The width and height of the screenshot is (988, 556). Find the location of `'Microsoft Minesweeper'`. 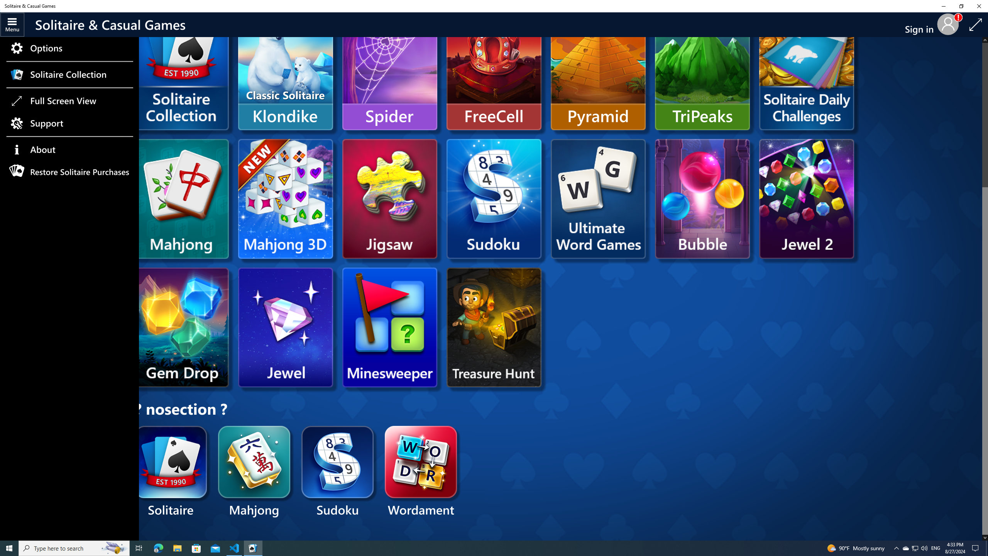

'Microsoft Minesweeper' is located at coordinates (389, 327).